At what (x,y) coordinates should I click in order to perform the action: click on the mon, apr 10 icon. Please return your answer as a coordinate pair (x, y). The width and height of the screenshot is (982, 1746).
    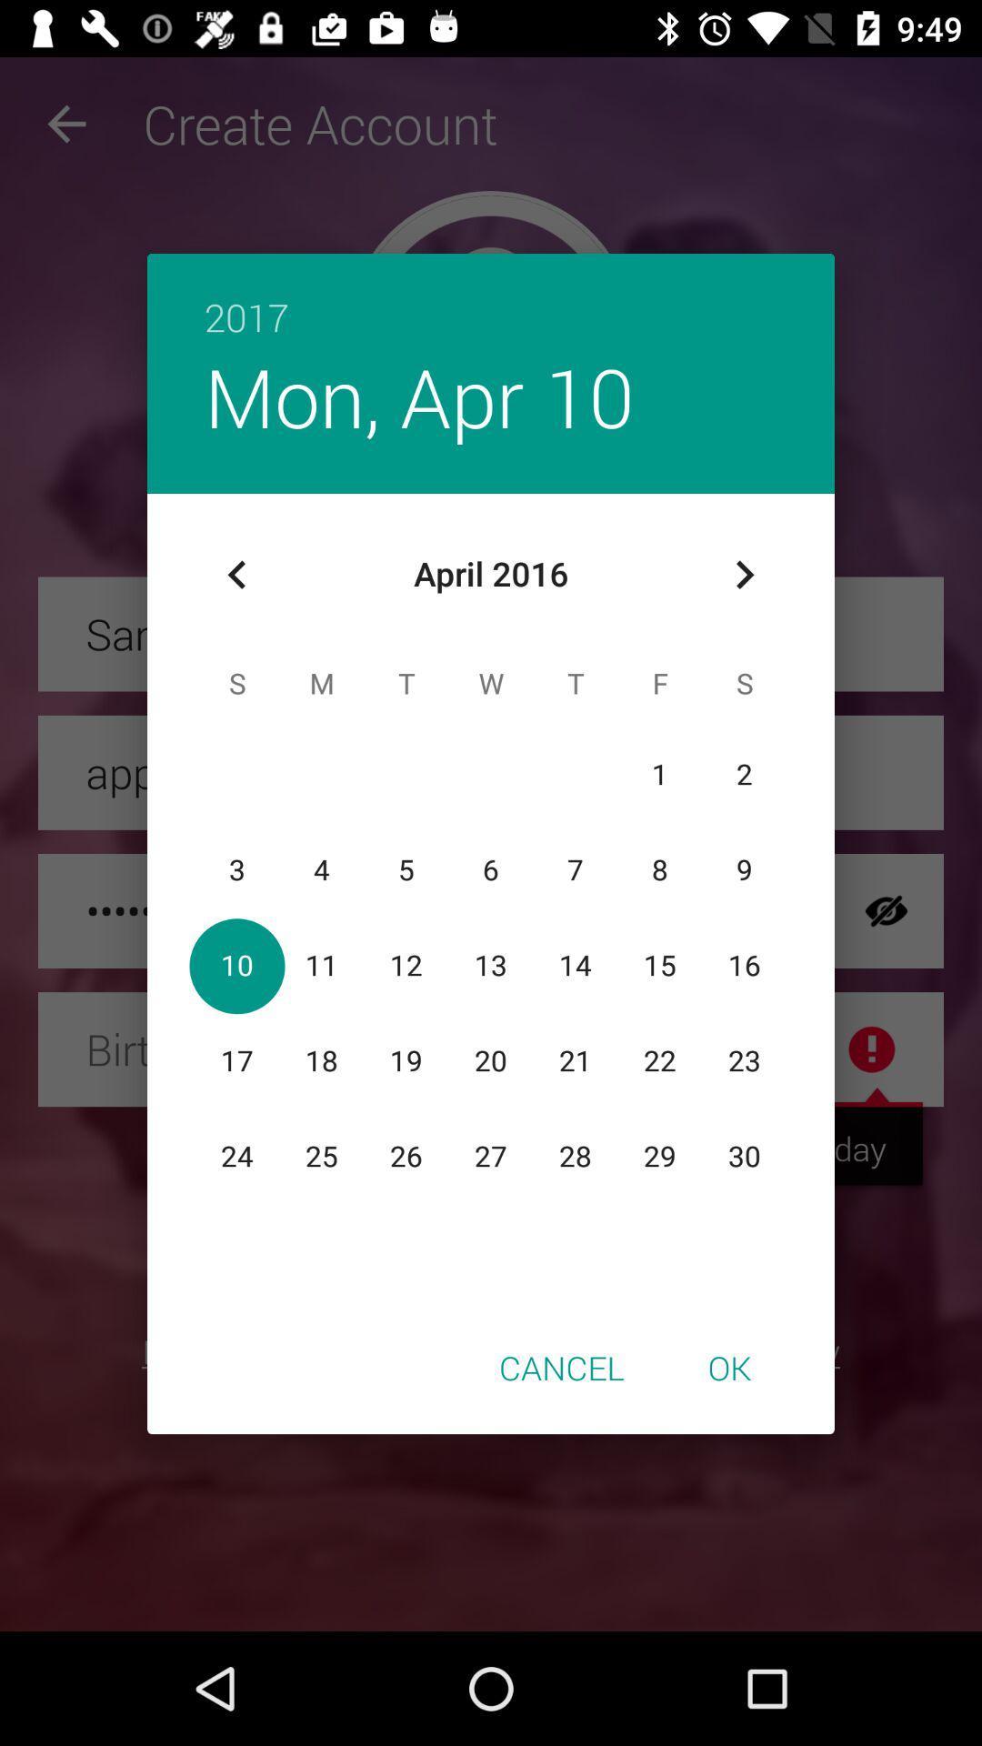
    Looking at the image, I should click on (419, 396).